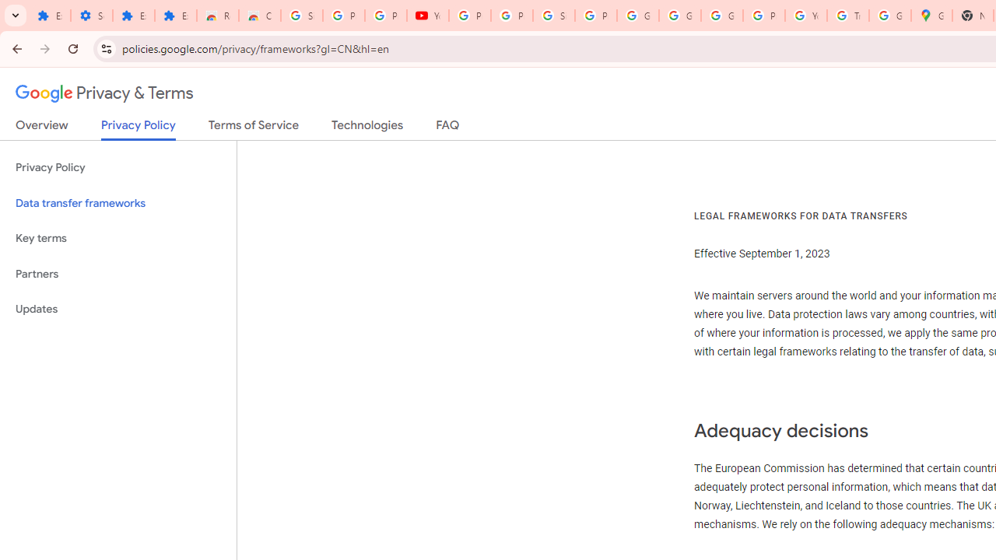 Image resolution: width=996 pixels, height=560 pixels. I want to click on 'Extensions', so click(175, 16).